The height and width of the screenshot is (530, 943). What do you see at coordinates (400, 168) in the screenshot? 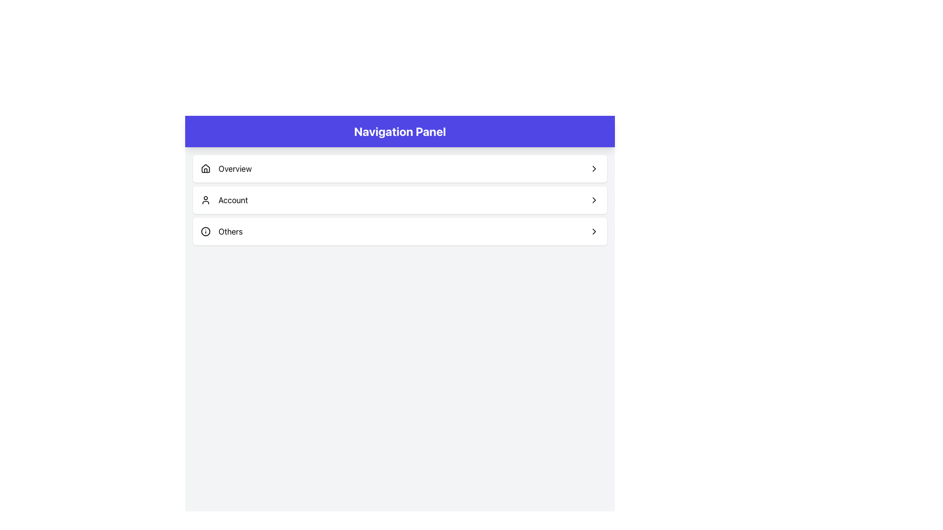
I see `the 'Overview' button, which is the first item in the Navigation Panel` at bounding box center [400, 168].